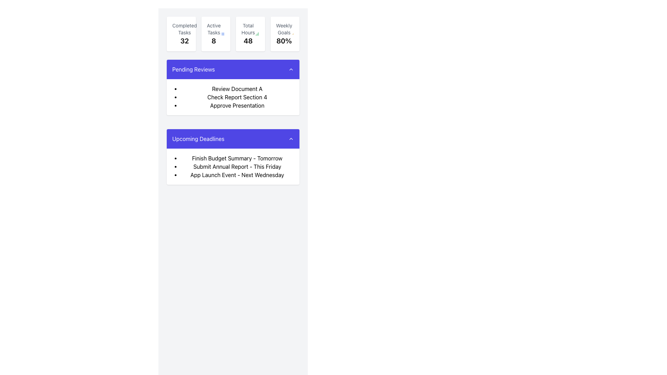  I want to click on the Informational Text Block displaying 'Total Hours' and the number '48' in a white card with rounded corners, located in the top center portion of the interface, so click(248, 34).